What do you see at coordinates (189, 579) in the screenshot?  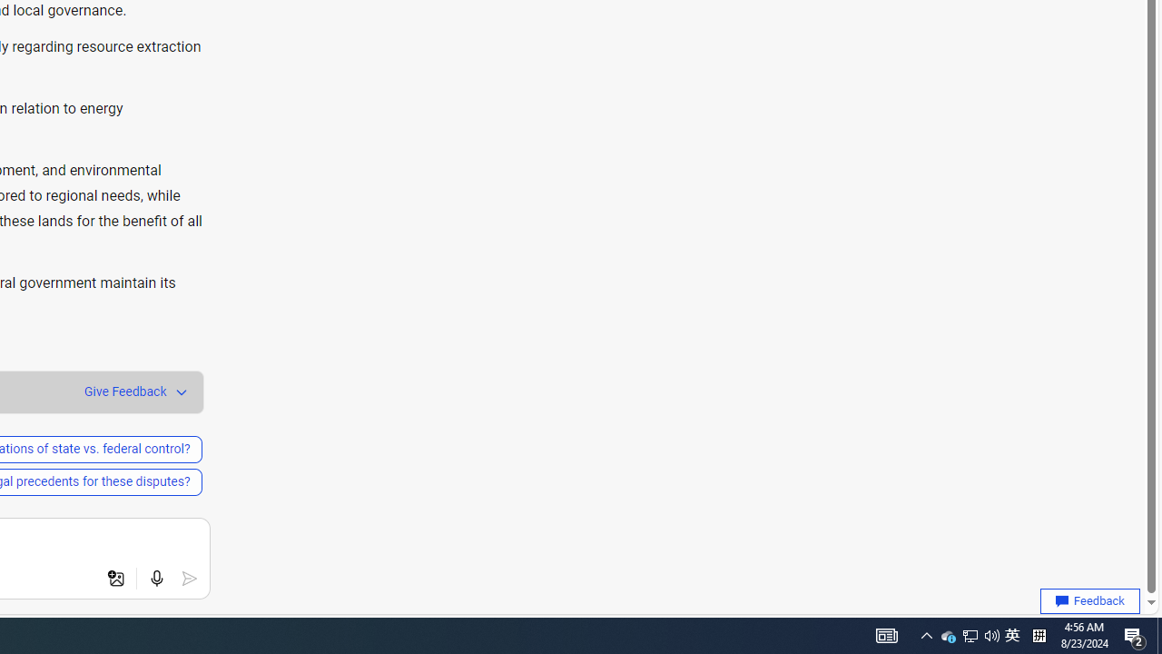 I see `'Submit'` at bounding box center [189, 579].